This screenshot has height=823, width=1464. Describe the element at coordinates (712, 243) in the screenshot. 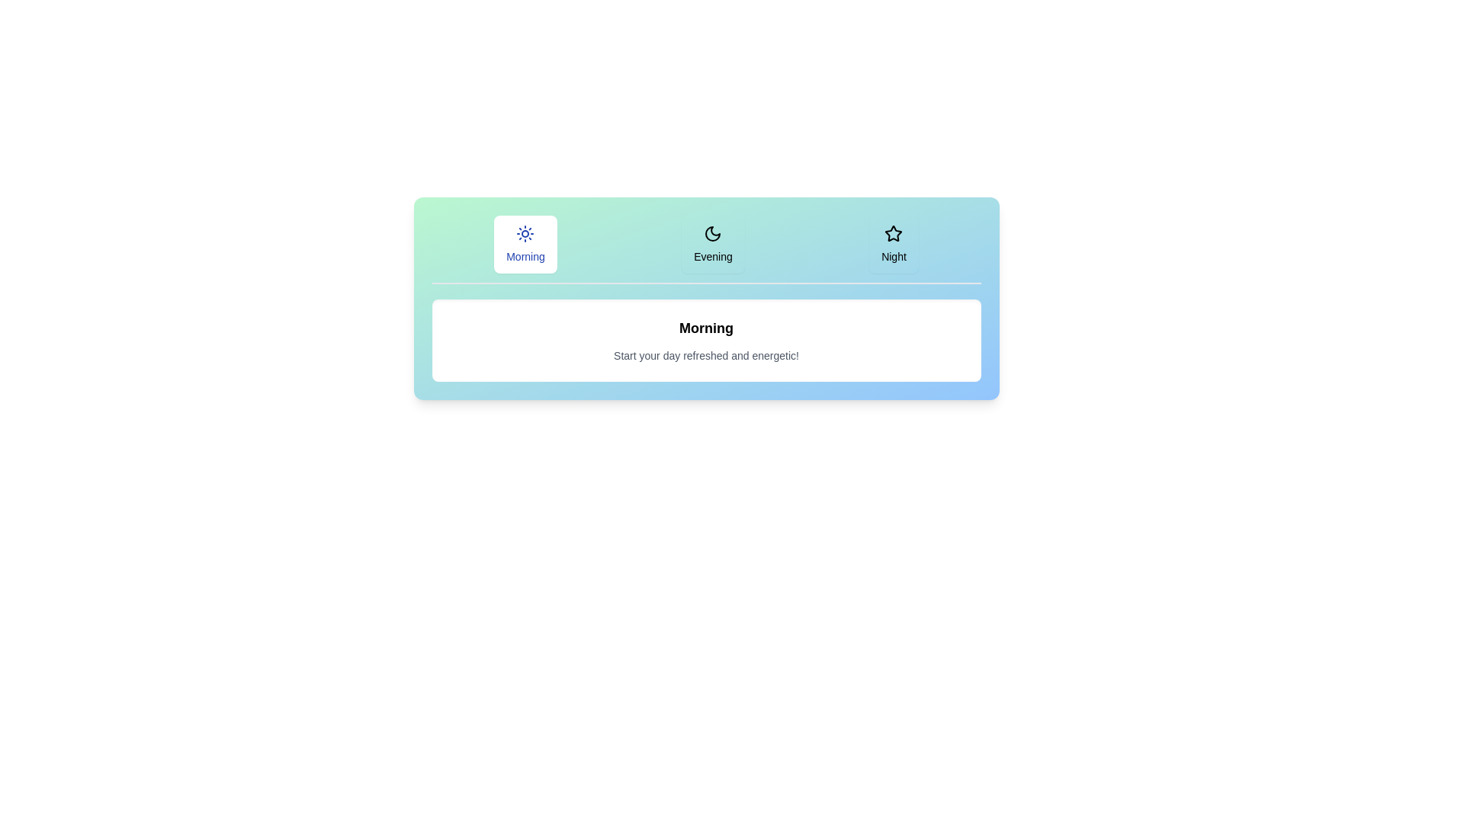

I see `the tab labeled Evening to select it` at that location.